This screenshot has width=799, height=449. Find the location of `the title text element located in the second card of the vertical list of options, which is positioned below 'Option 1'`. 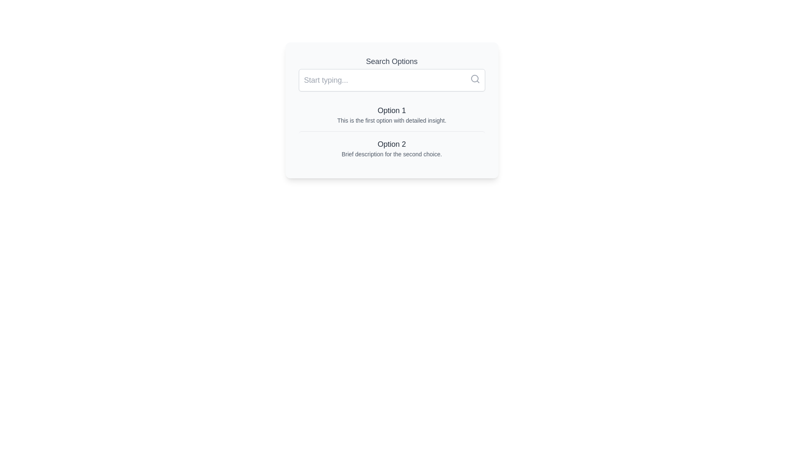

the title text element located in the second card of the vertical list of options, which is positioned below 'Option 1' is located at coordinates (391, 144).